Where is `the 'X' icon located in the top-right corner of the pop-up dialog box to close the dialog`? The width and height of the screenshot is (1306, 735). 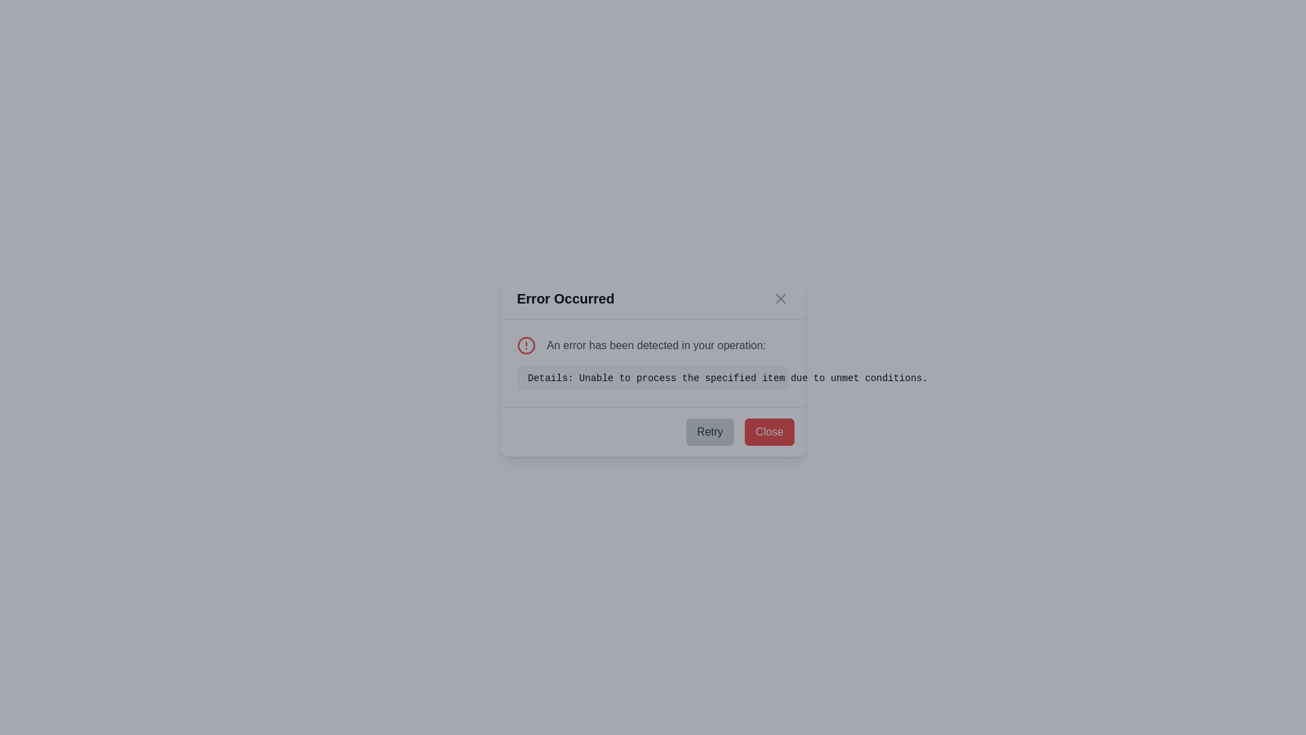
the 'X' icon located in the top-right corner of the pop-up dialog box to close the dialog is located at coordinates (780, 298).